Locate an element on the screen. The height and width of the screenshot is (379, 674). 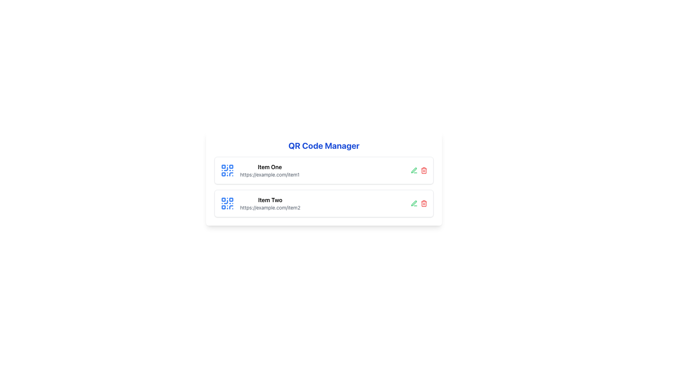
the Icon Button depicting a pen symbol, which is used to initiate an edit action is located at coordinates (414, 203).